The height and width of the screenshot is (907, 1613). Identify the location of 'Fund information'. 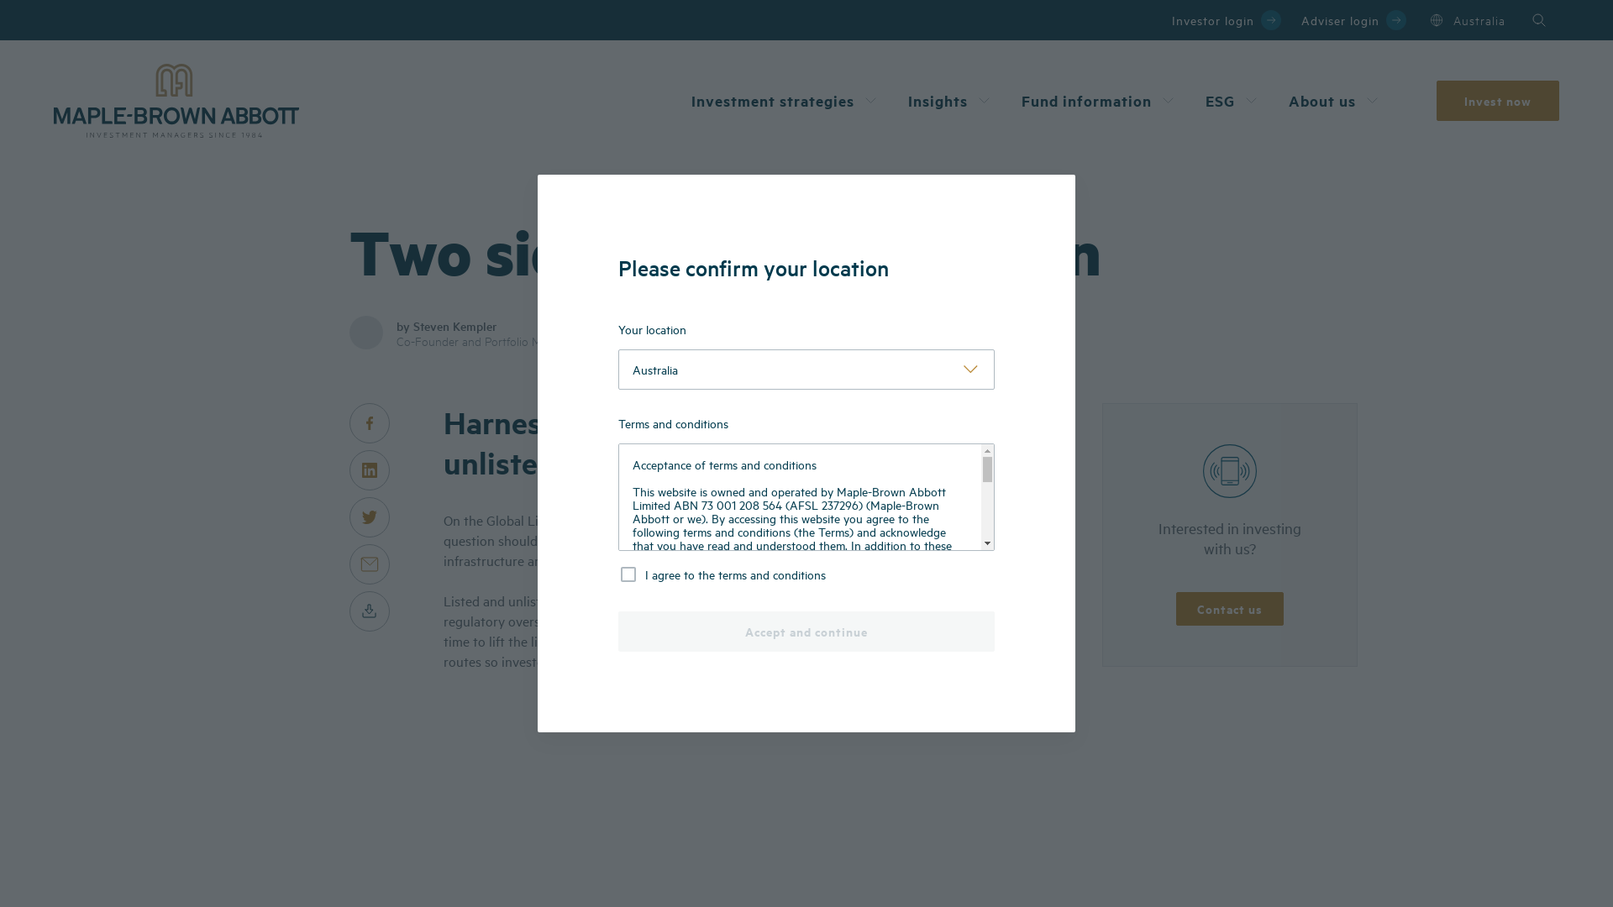
(1100, 100).